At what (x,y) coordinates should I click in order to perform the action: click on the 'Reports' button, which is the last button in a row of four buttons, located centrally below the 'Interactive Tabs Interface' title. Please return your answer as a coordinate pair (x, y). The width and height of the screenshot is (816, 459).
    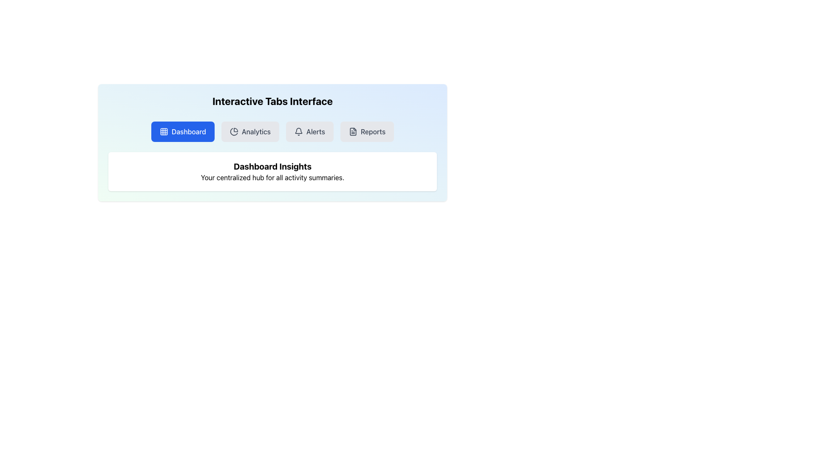
    Looking at the image, I should click on (367, 131).